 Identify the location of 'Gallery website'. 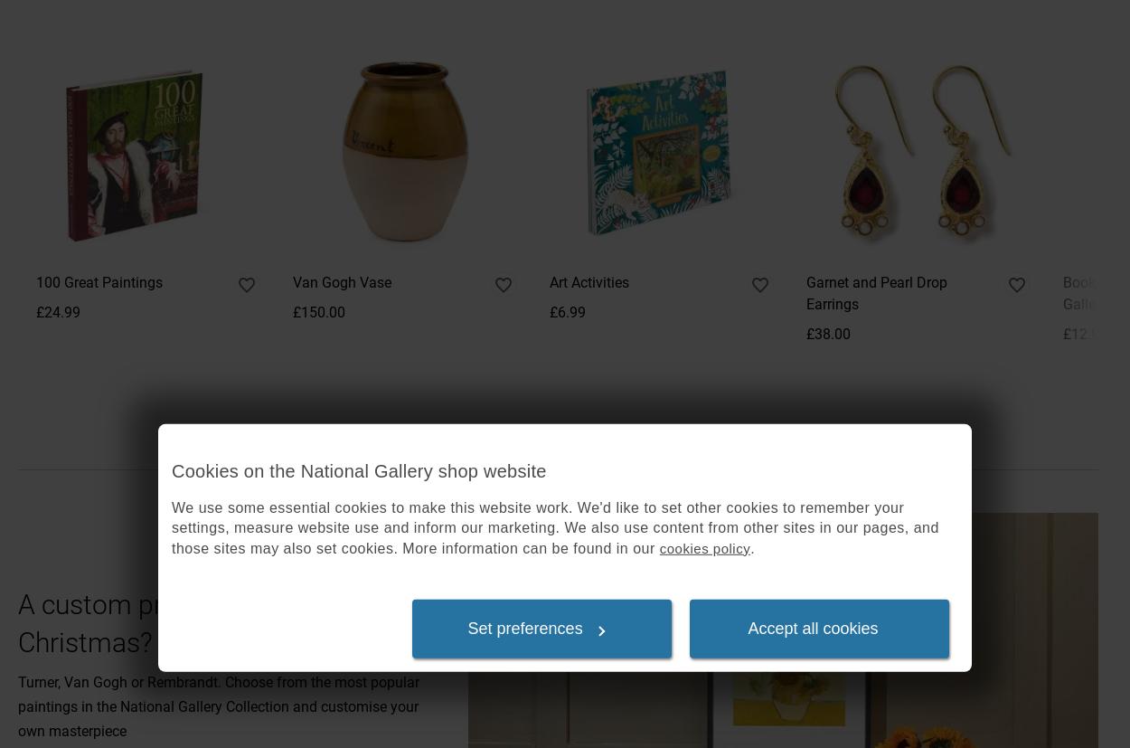
(430, 153).